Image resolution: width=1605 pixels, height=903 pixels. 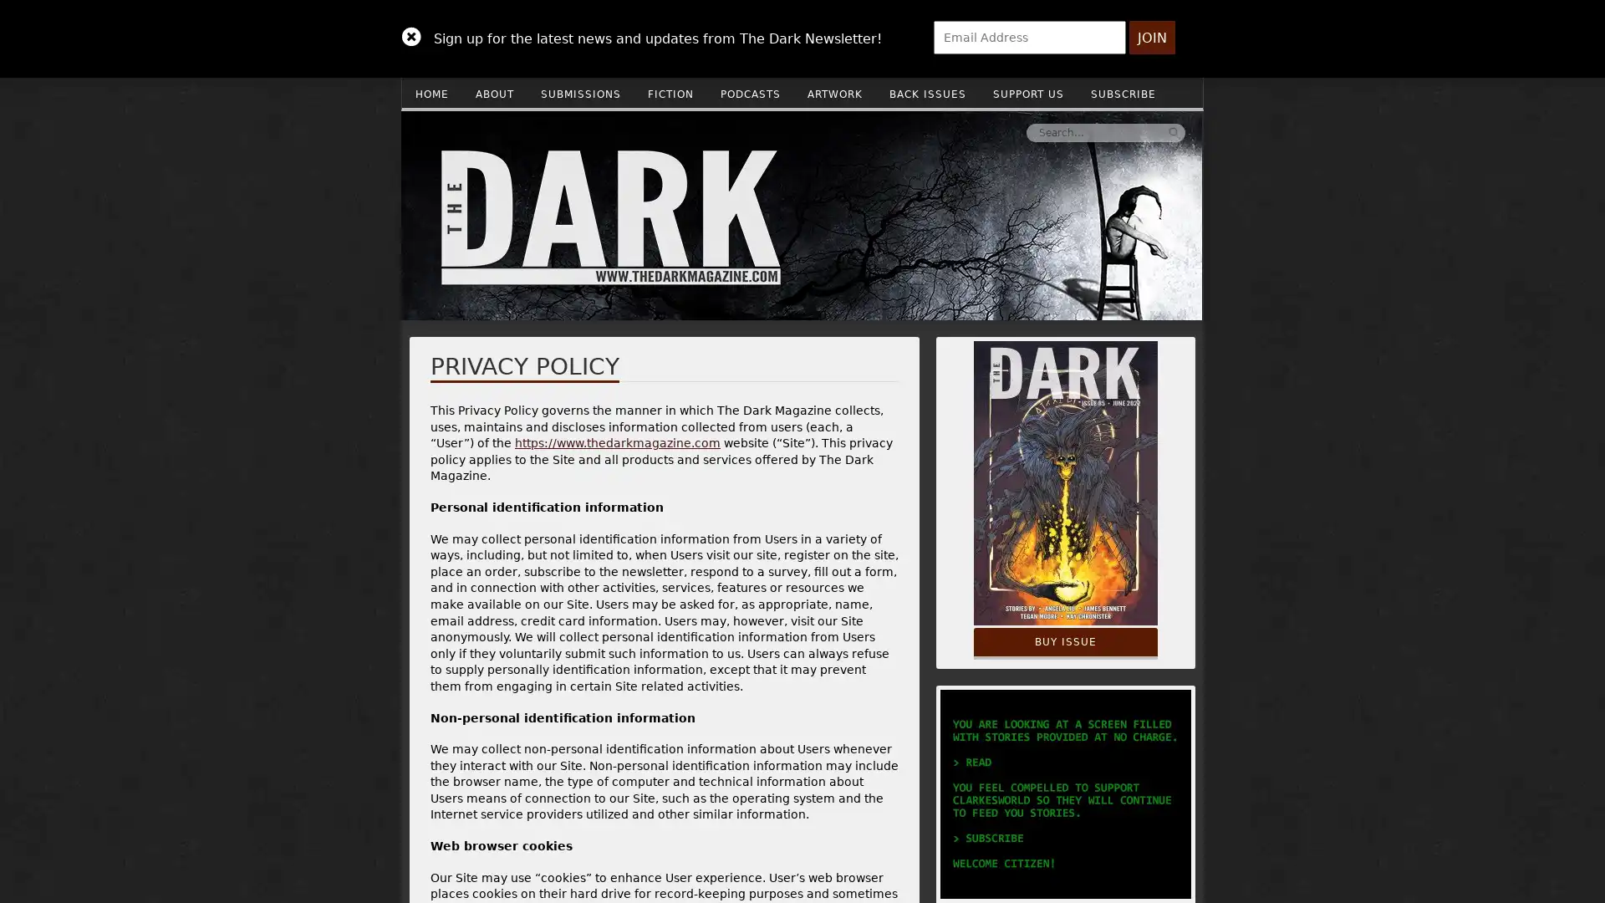 I want to click on Join, so click(x=1151, y=38).